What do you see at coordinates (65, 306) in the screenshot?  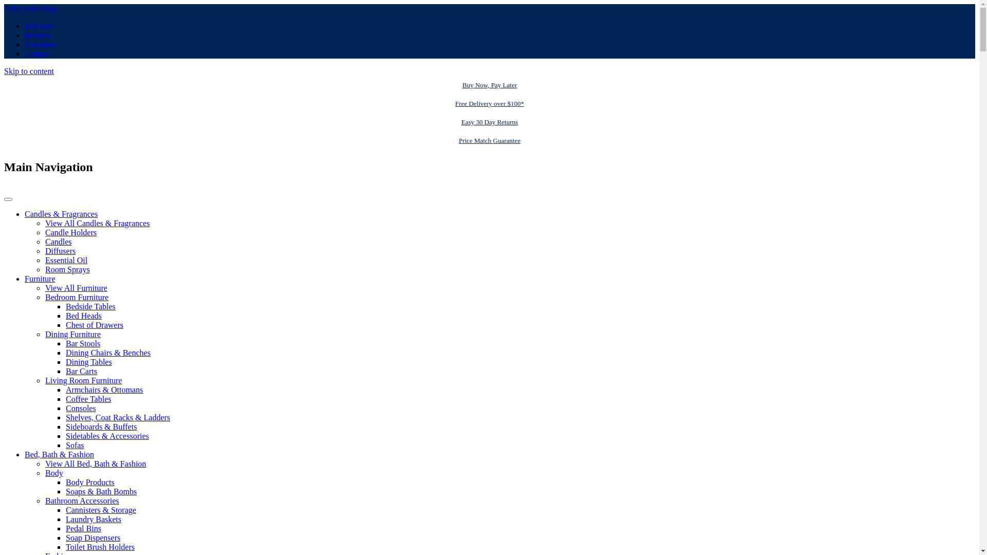 I see `'Bedside Tables'` at bounding box center [65, 306].